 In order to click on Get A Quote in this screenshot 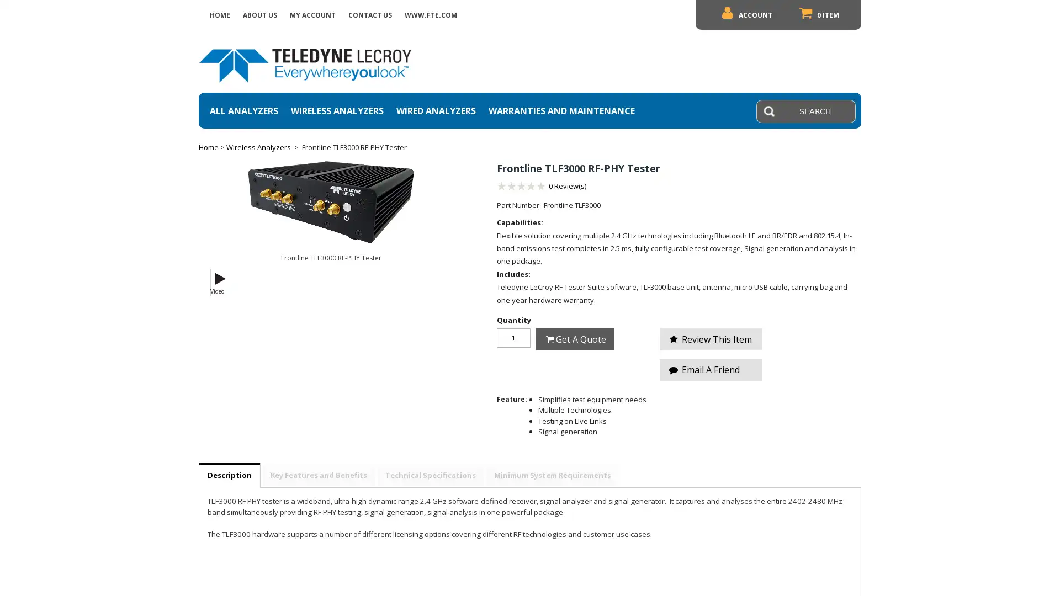, I will do `click(574, 338)`.